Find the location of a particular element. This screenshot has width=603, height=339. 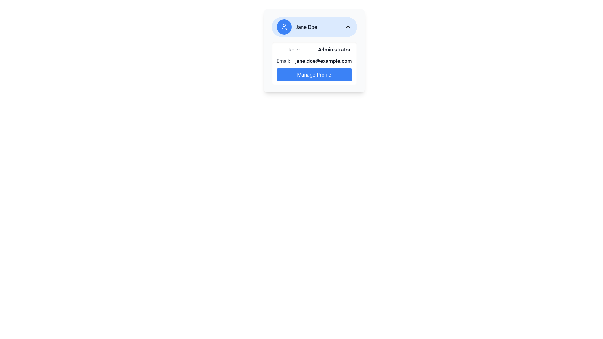

the interactive header section related to 'Jane Doe' is located at coordinates (314, 26).